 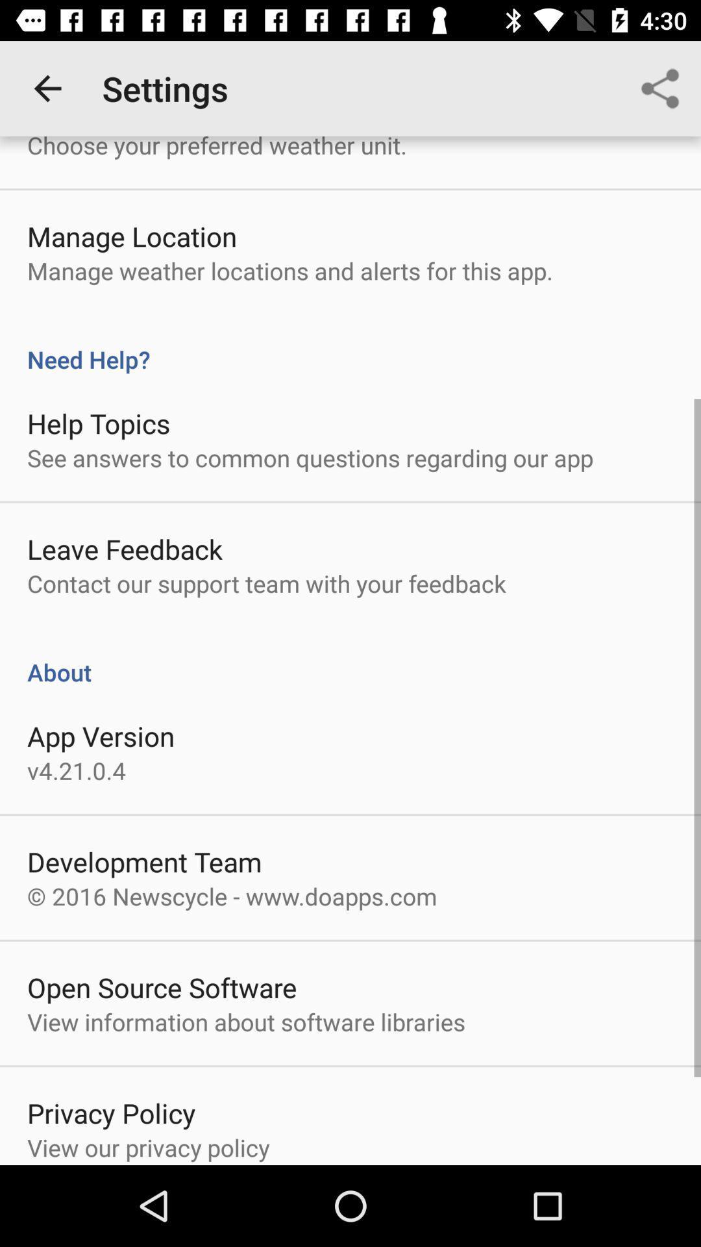 I want to click on the app version item, so click(x=100, y=736).